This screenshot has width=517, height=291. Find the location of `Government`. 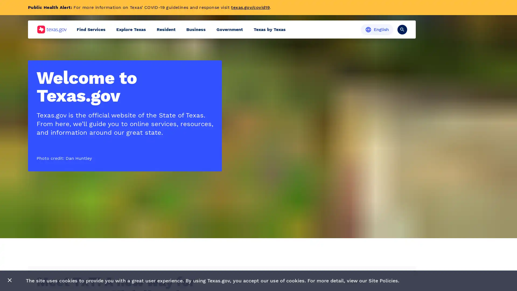

Government is located at coordinates (230, 29).